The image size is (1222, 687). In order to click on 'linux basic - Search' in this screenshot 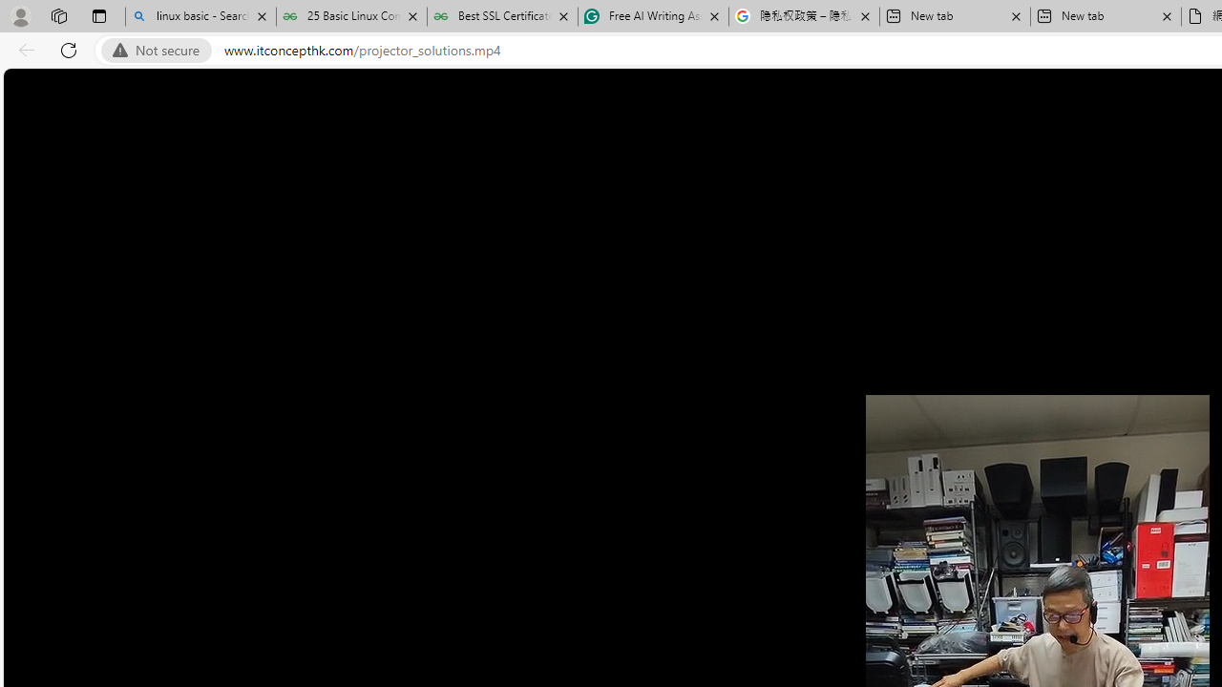, I will do `click(200, 16)`.